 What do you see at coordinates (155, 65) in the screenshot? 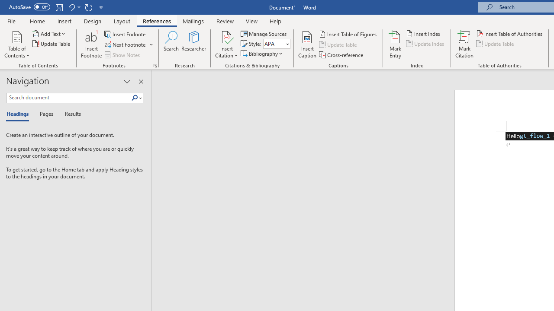
I see `'Footnote and Endnote Dialog...'` at bounding box center [155, 65].